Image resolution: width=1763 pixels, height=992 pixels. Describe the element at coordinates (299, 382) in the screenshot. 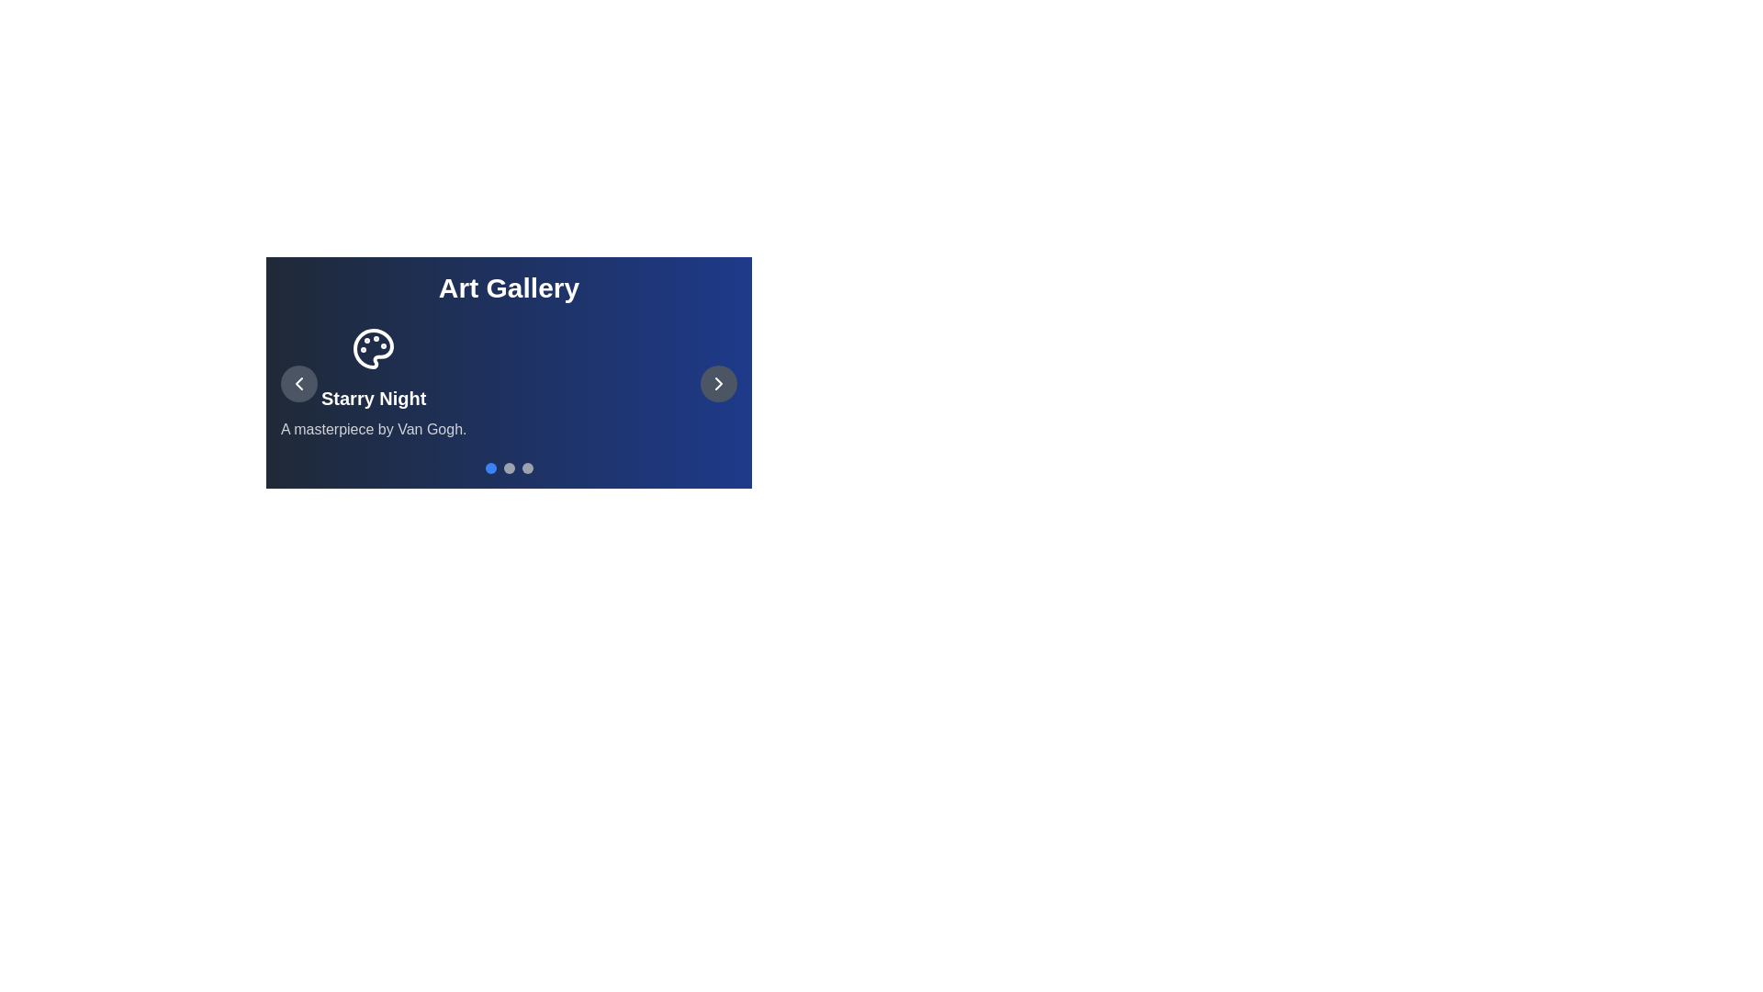

I see `left navigation button to navigate to the previous artwork` at that location.